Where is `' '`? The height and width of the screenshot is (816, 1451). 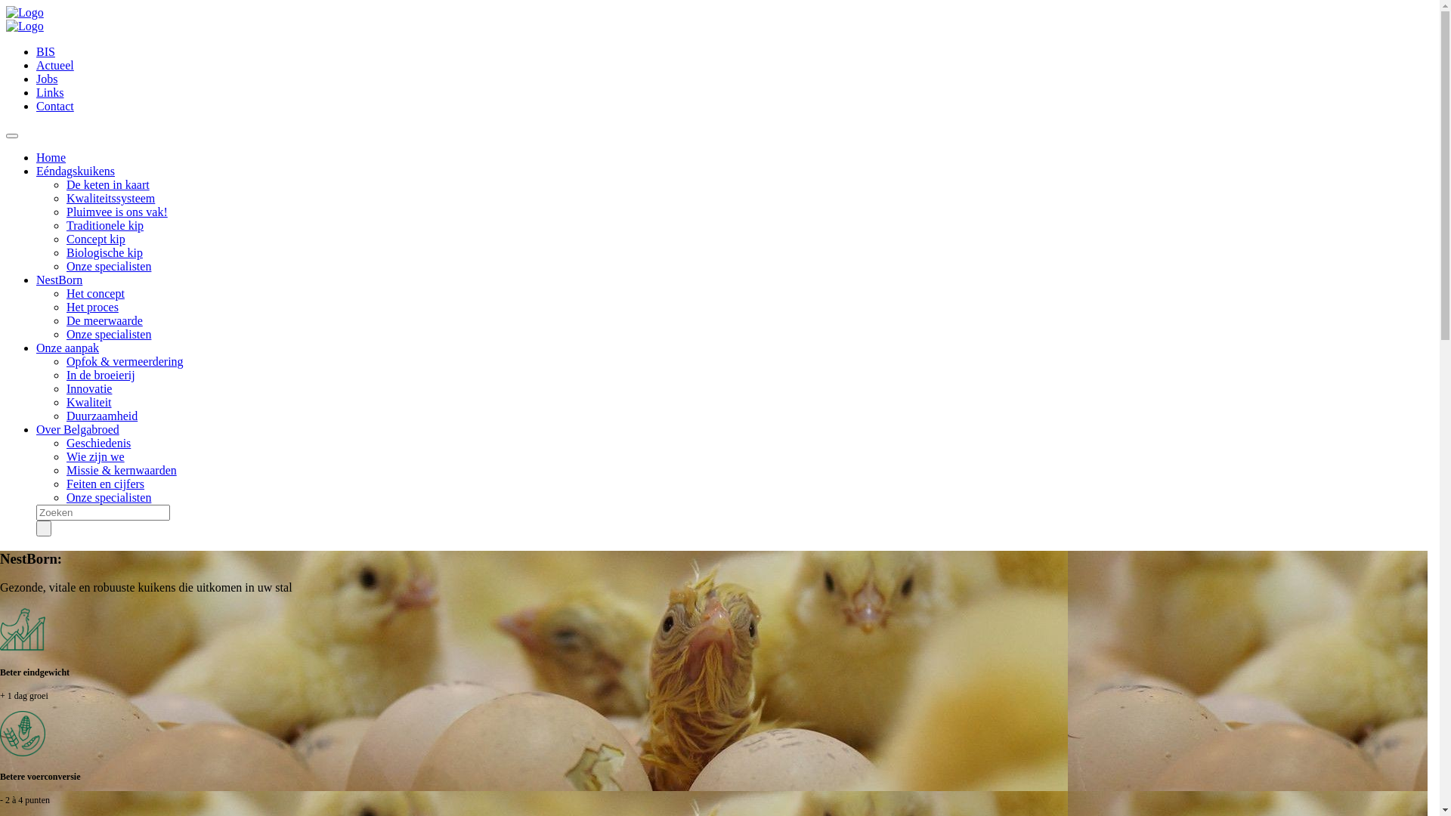 ' ' is located at coordinates (43, 527).